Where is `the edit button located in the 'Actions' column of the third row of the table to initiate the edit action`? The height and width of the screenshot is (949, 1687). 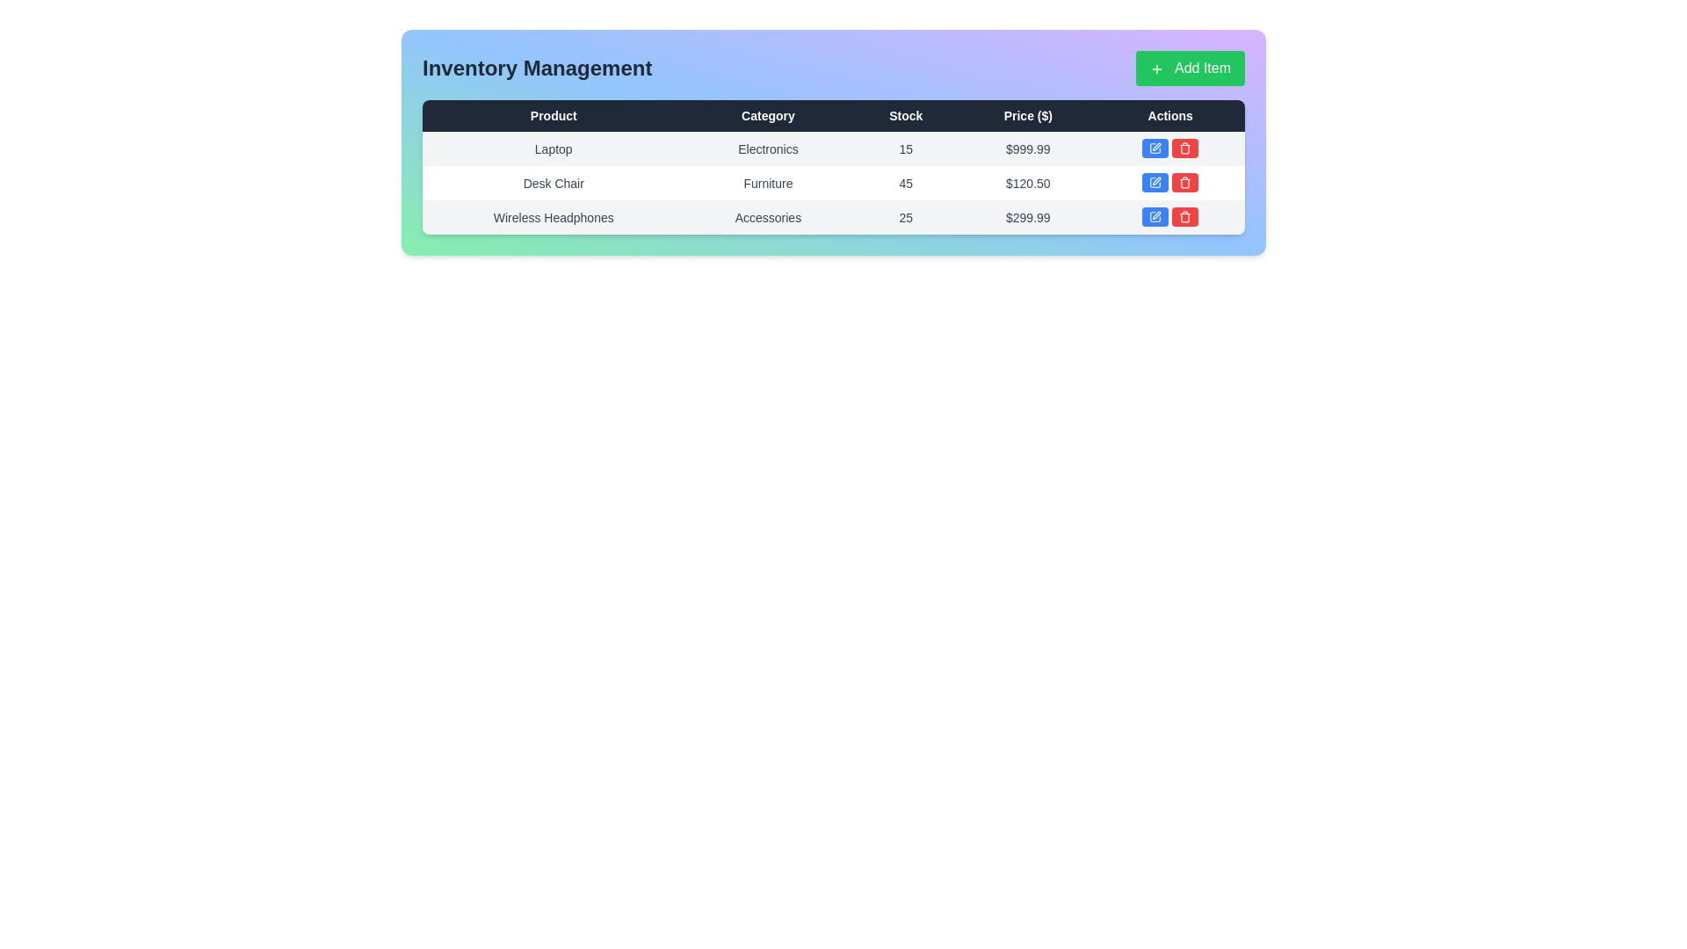
the edit button located in the 'Actions' column of the third row of the table to initiate the edit action is located at coordinates (1155, 215).